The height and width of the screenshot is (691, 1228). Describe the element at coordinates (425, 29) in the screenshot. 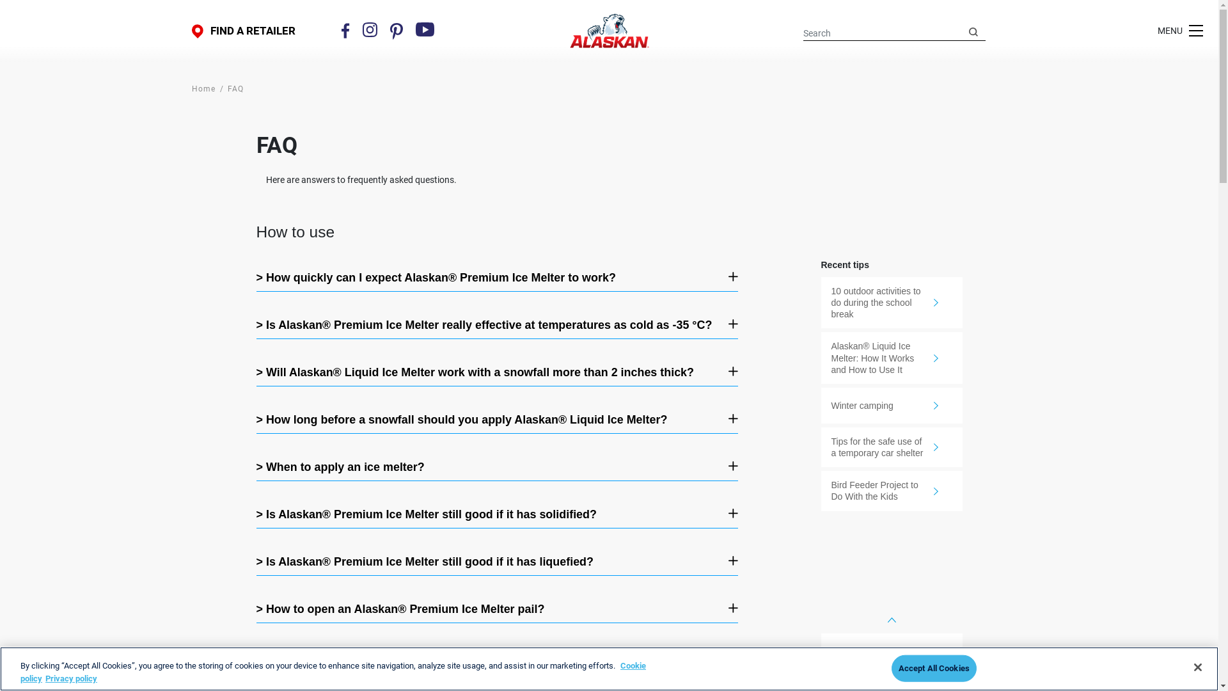

I see `'Youtube'` at that location.